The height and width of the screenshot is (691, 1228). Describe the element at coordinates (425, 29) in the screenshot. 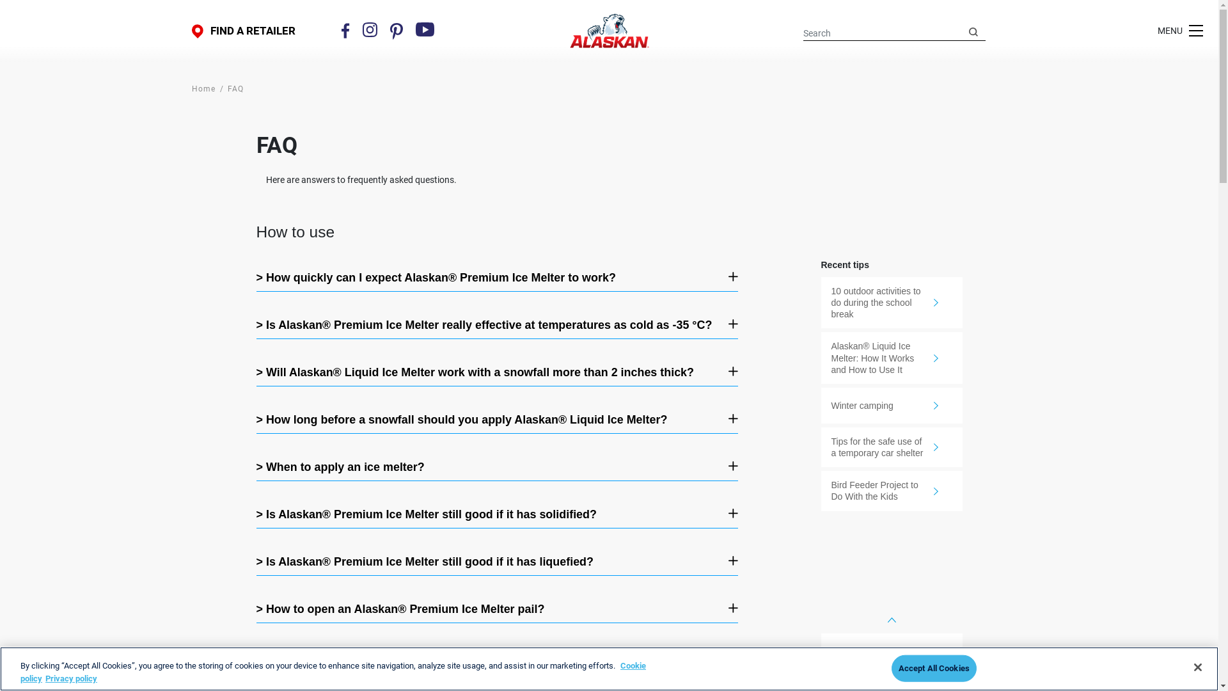

I see `'Youtube'` at that location.